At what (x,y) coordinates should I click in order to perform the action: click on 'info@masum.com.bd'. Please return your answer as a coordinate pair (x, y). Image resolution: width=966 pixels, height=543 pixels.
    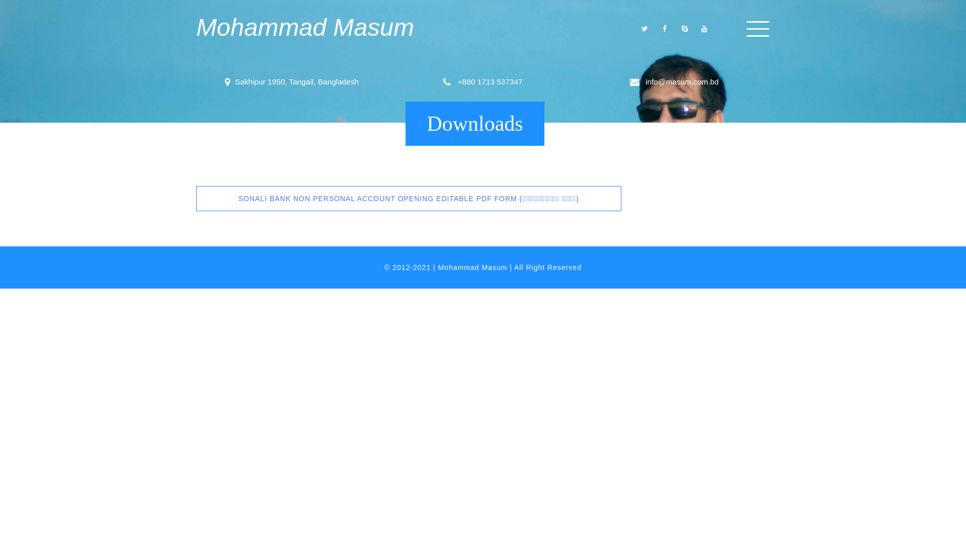
    Looking at the image, I should click on (642, 81).